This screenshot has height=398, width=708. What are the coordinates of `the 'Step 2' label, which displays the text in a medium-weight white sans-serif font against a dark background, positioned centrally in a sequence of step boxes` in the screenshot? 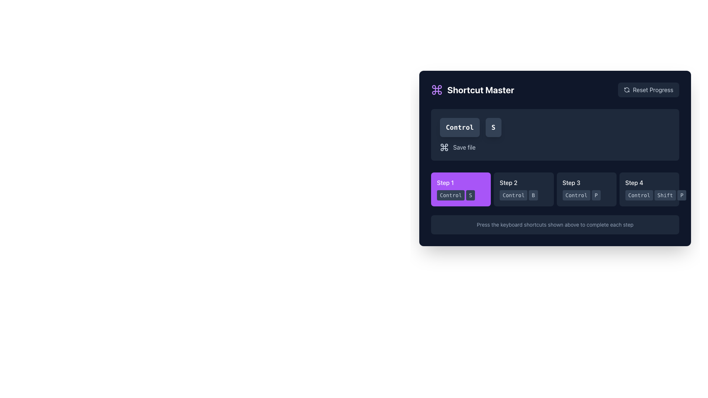 It's located at (508, 182).